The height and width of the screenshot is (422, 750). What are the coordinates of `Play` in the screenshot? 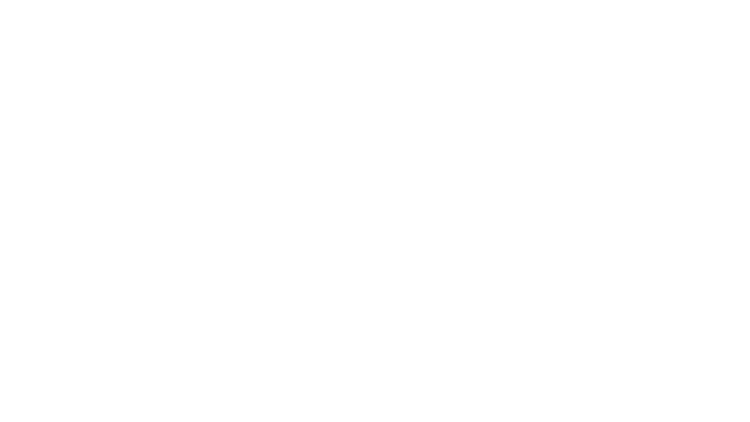 It's located at (29, 324).